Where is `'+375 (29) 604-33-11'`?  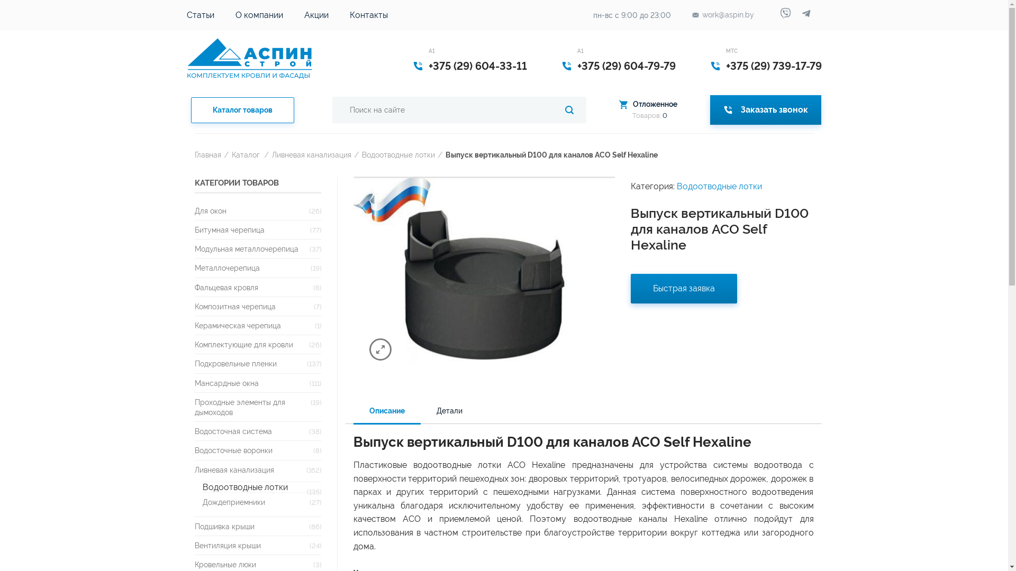
'+375 (29) 604-33-11' is located at coordinates (429, 66).